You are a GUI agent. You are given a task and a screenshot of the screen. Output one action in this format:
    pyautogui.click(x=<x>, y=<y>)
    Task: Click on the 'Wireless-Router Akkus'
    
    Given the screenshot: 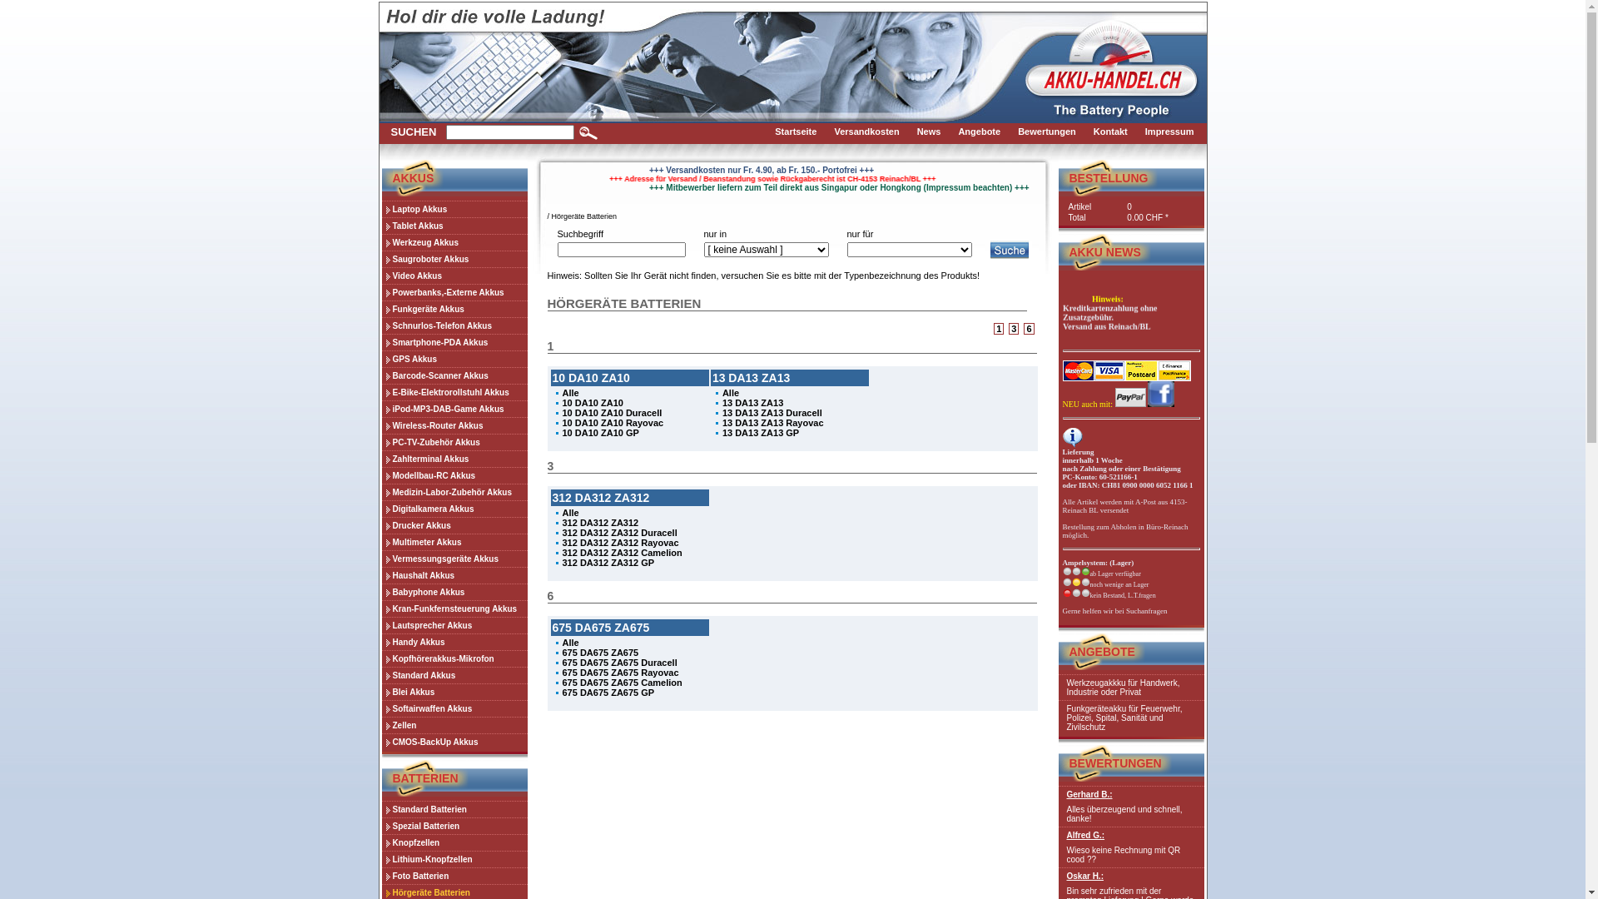 What is the action you would take?
    pyautogui.click(x=380, y=424)
    